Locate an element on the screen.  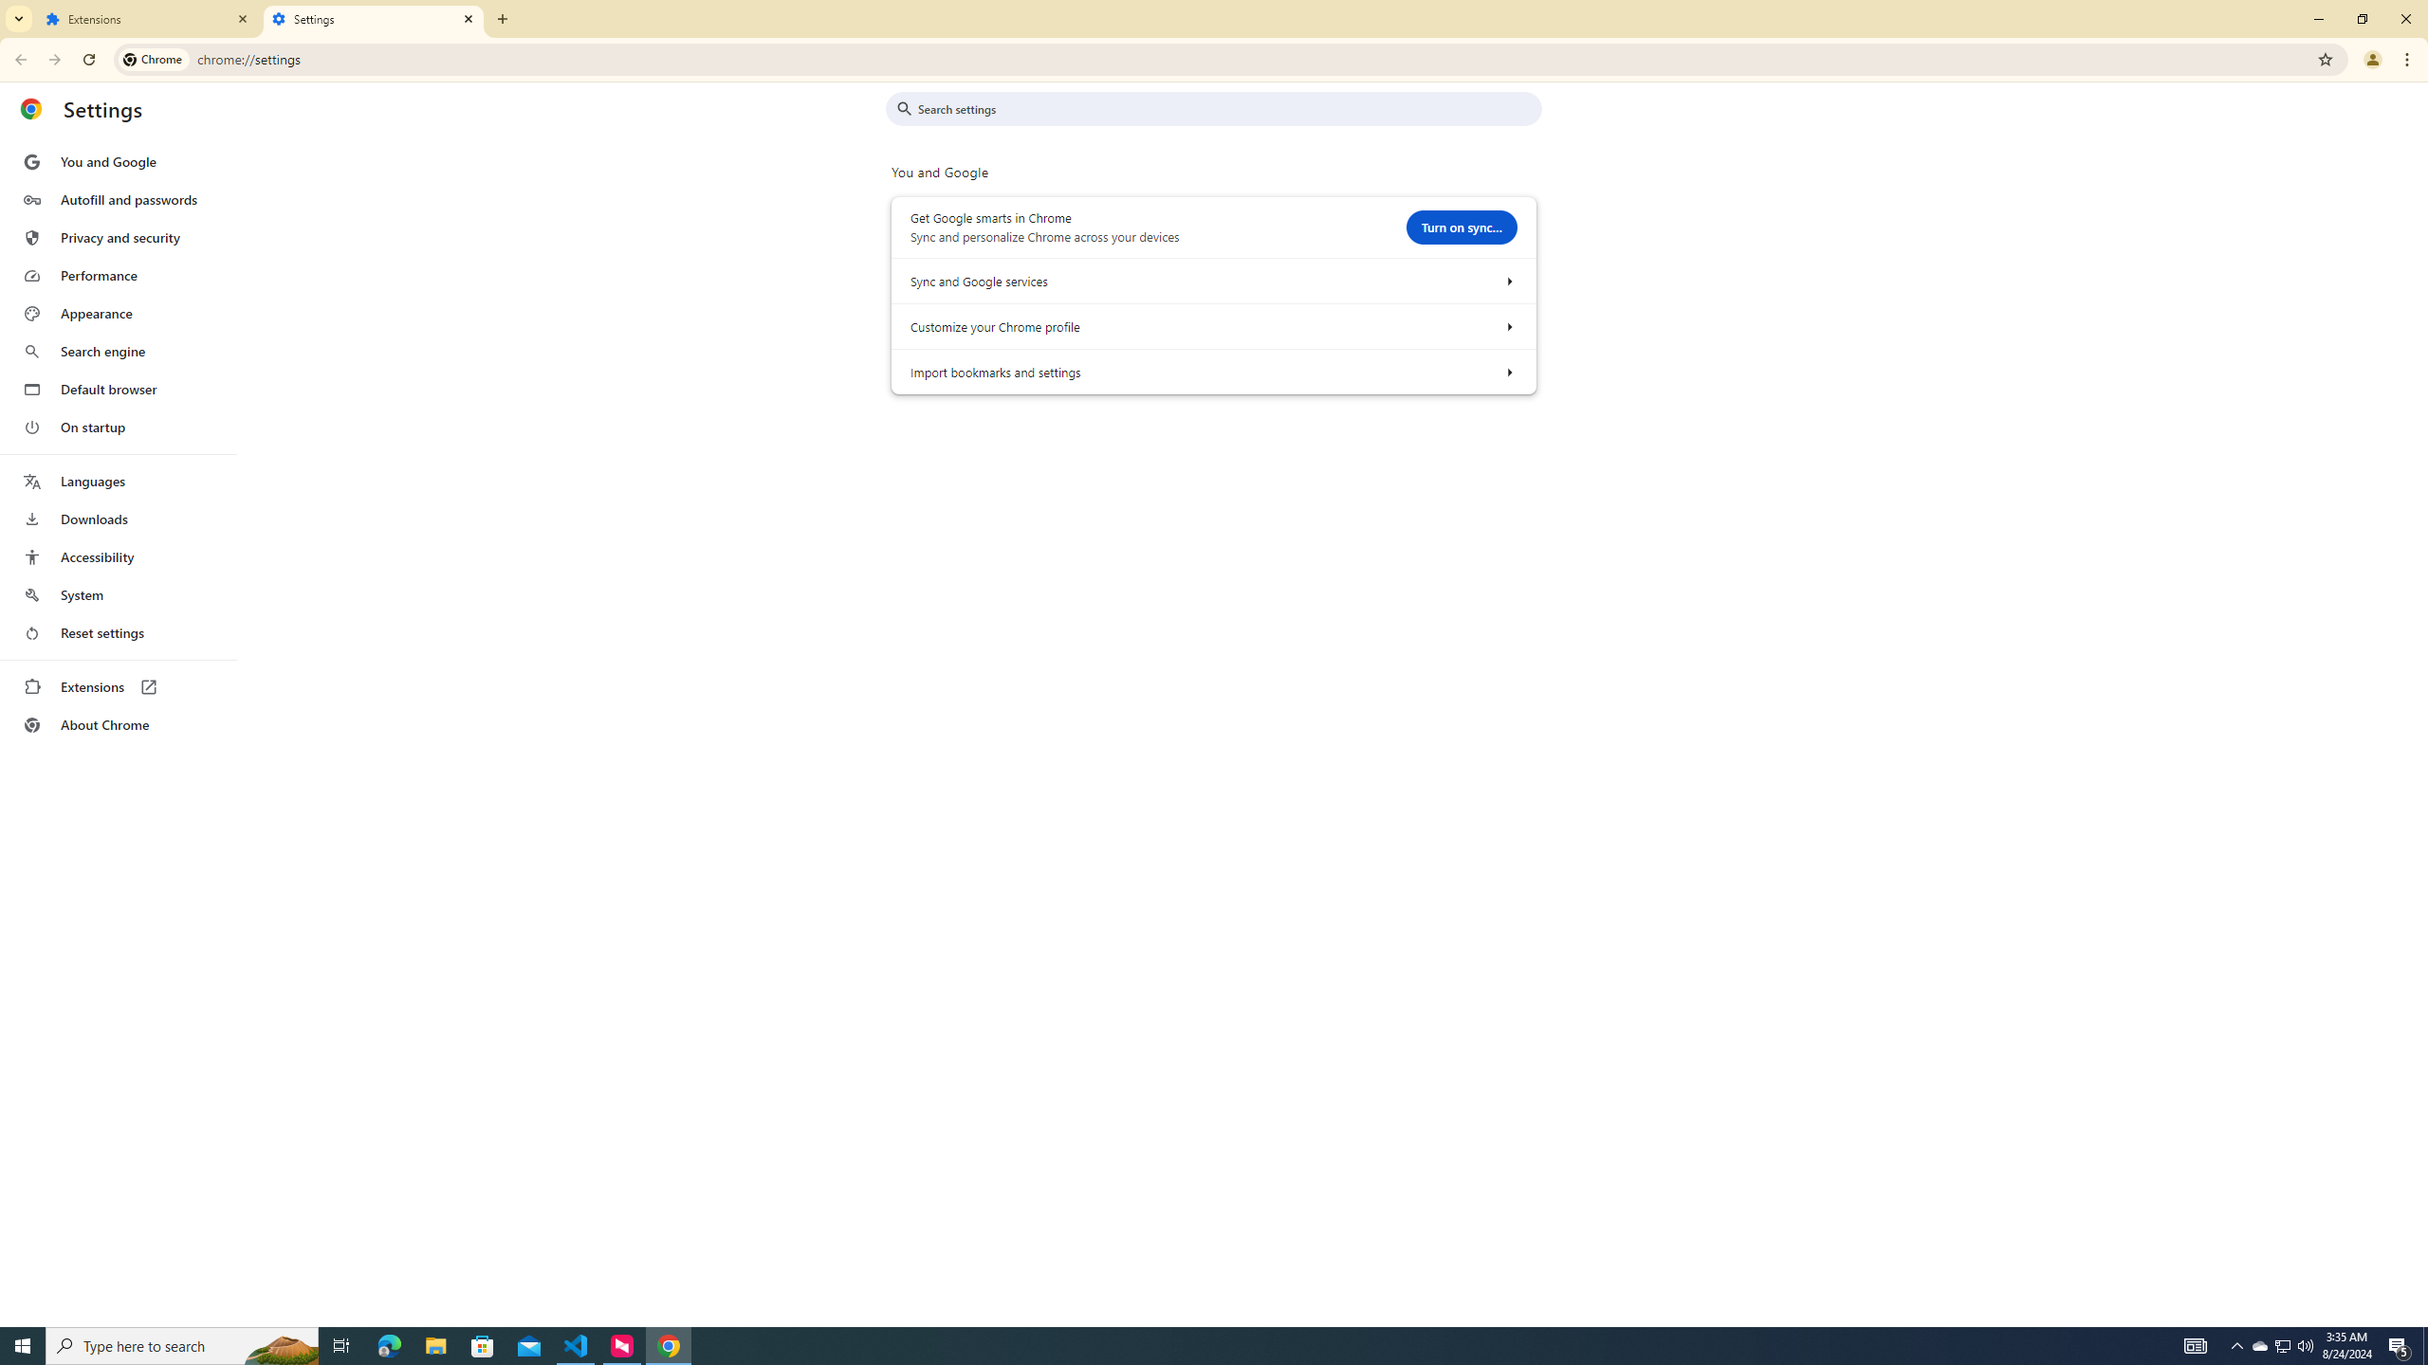
'Settings' is located at coordinates (374, 18).